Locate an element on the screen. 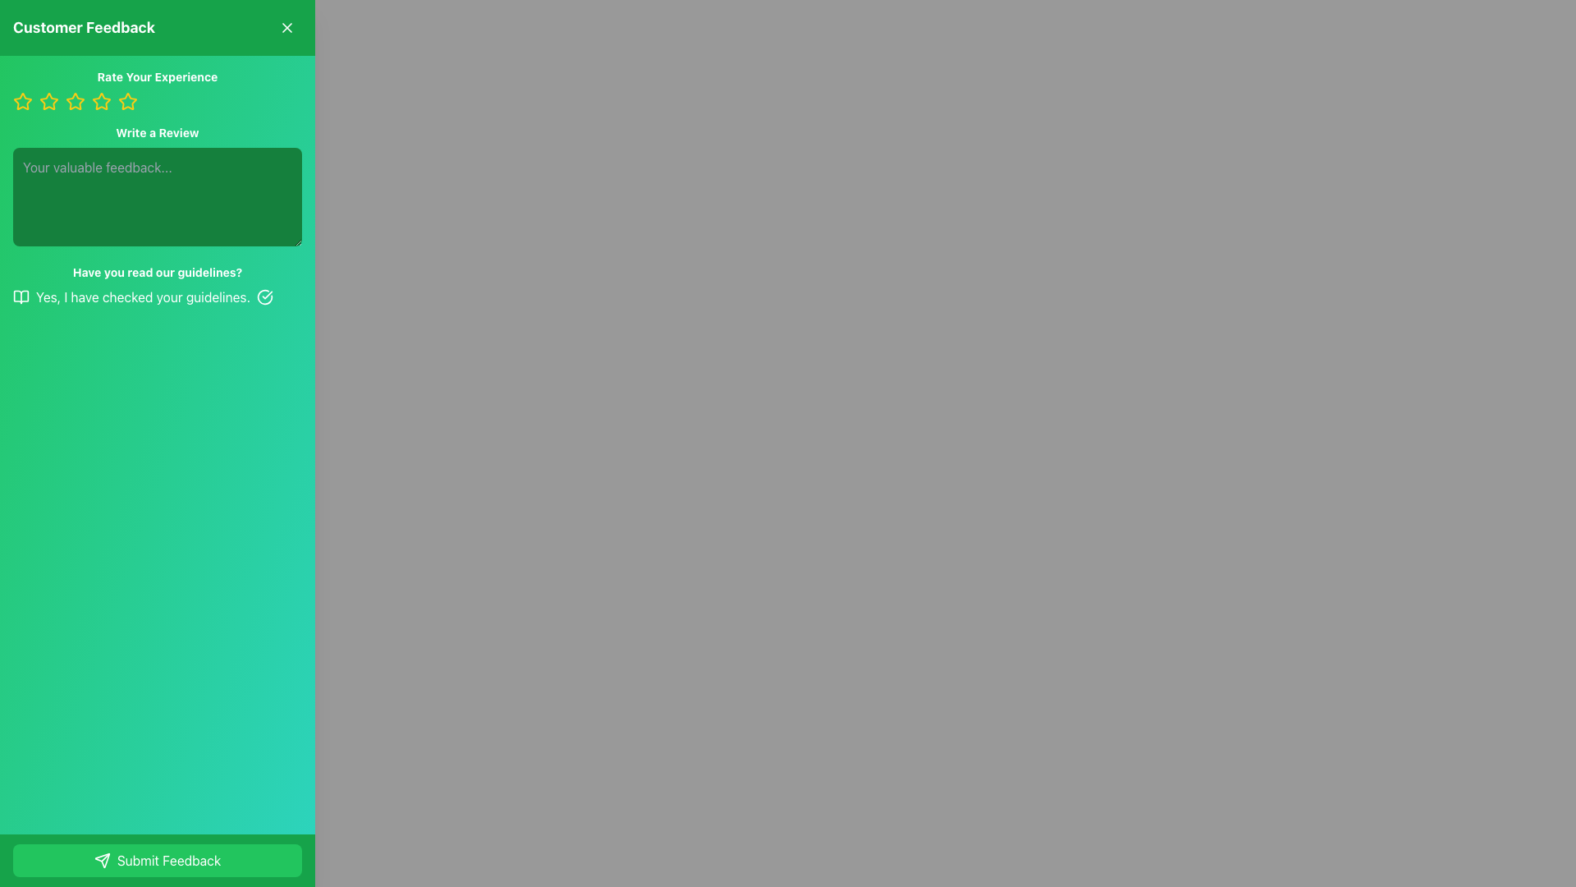 Image resolution: width=1576 pixels, height=887 pixels. statement 'Yes, I have checked your guidelines.' in the horizontal group containing a checkbox, icon, and text, located below the question 'Have you read our guidelines?' is located at coordinates (158, 297).